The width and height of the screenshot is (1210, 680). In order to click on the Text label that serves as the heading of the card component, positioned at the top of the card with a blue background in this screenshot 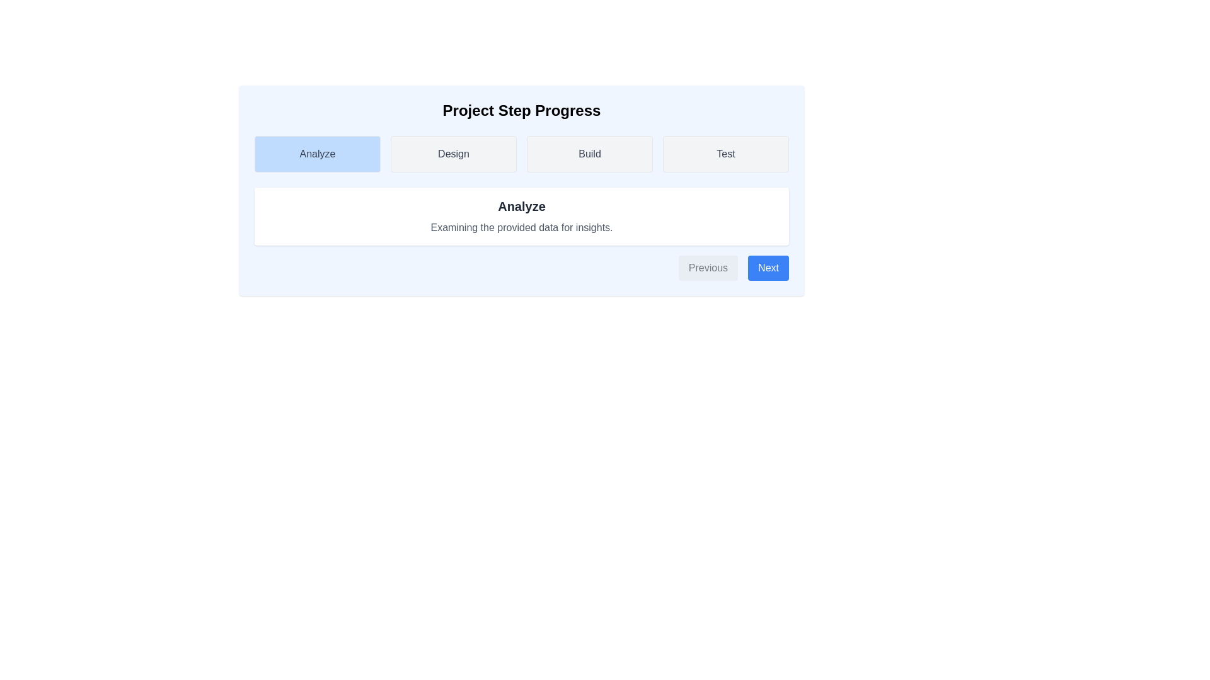, I will do `click(522, 110)`.